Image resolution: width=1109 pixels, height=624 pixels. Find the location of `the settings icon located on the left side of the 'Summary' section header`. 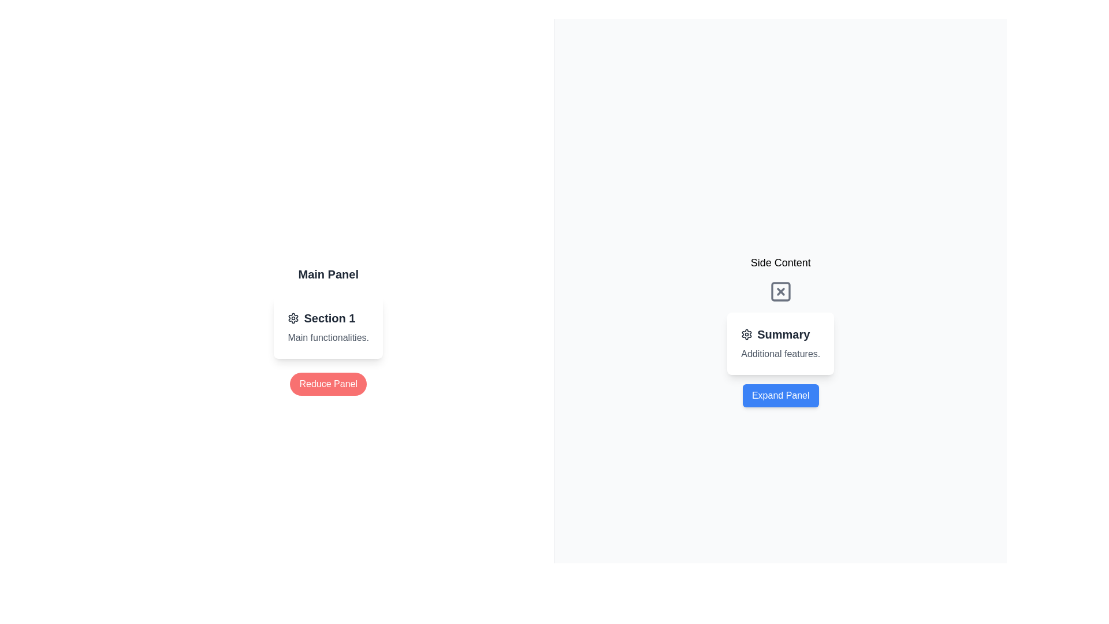

the settings icon located on the left side of the 'Summary' section header is located at coordinates (747, 334).